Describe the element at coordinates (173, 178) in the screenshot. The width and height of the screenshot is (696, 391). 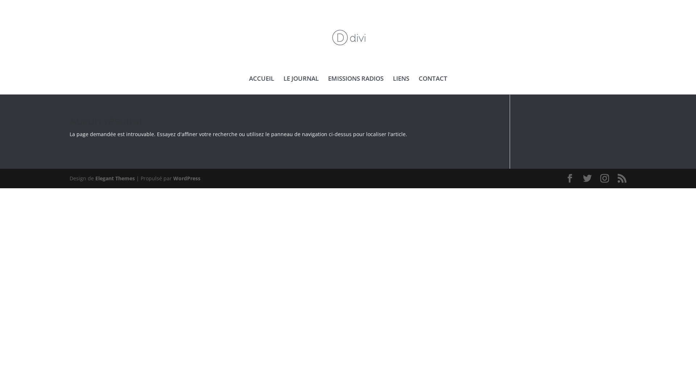
I see `'WordPress'` at that location.